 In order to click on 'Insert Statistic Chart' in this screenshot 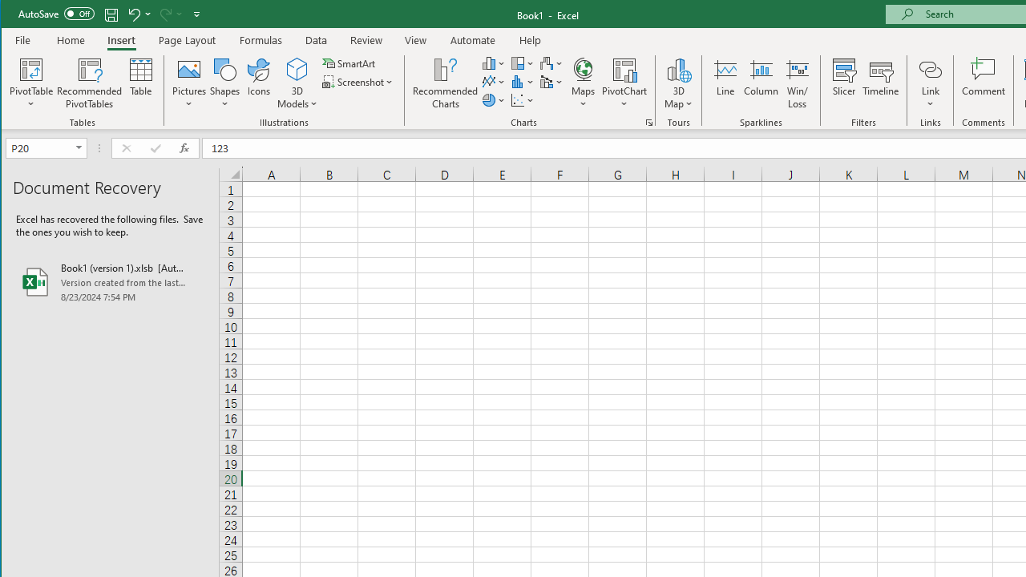, I will do `click(523, 82)`.